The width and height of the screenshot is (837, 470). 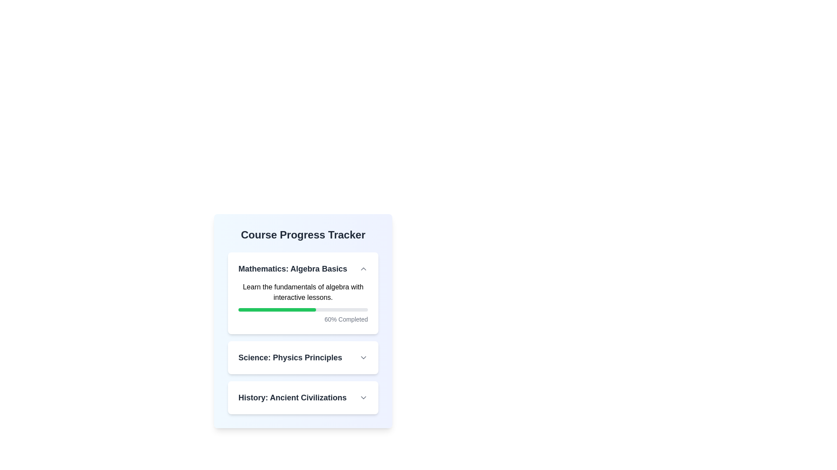 What do you see at coordinates (303, 302) in the screenshot?
I see `description of the visual progress indicator located in the 'Mathematics: Algebra Basics' section of the progress tracker interface, which is the second element below the section title and an optional menu icon` at bounding box center [303, 302].